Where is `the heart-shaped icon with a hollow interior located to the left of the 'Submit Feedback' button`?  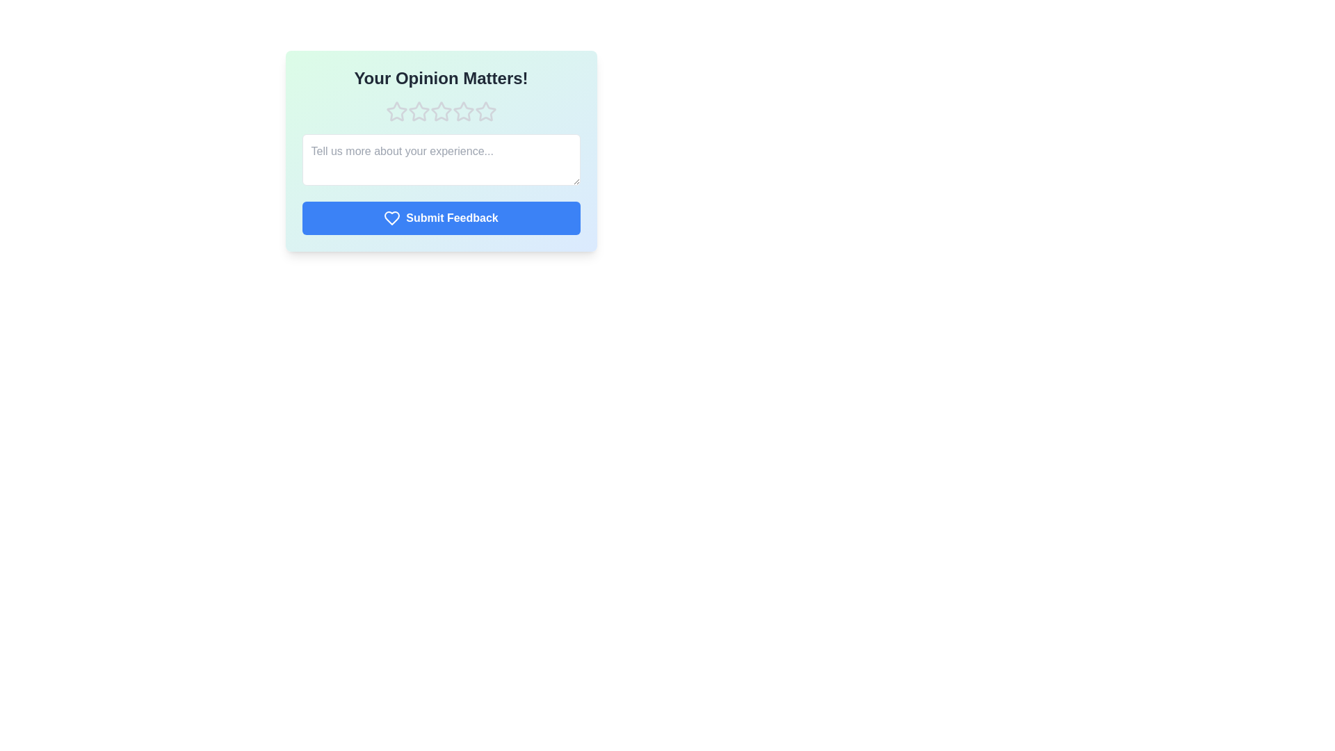 the heart-shaped icon with a hollow interior located to the left of the 'Submit Feedback' button is located at coordinates (391, 218).